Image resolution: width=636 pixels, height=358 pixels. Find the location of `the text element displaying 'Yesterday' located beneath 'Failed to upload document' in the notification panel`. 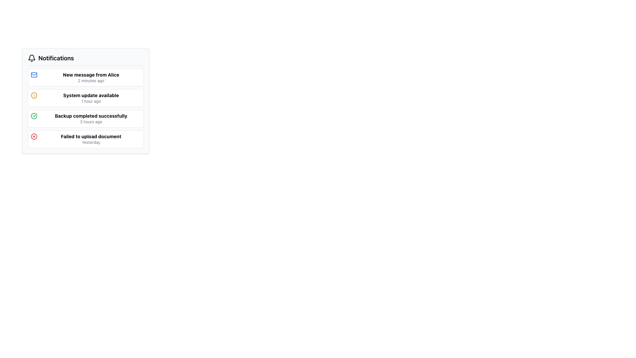

the text element displaying 'Yesterday' located beneath 'Failed to upload document' in the notification panel is located at coordinates (90, 142).